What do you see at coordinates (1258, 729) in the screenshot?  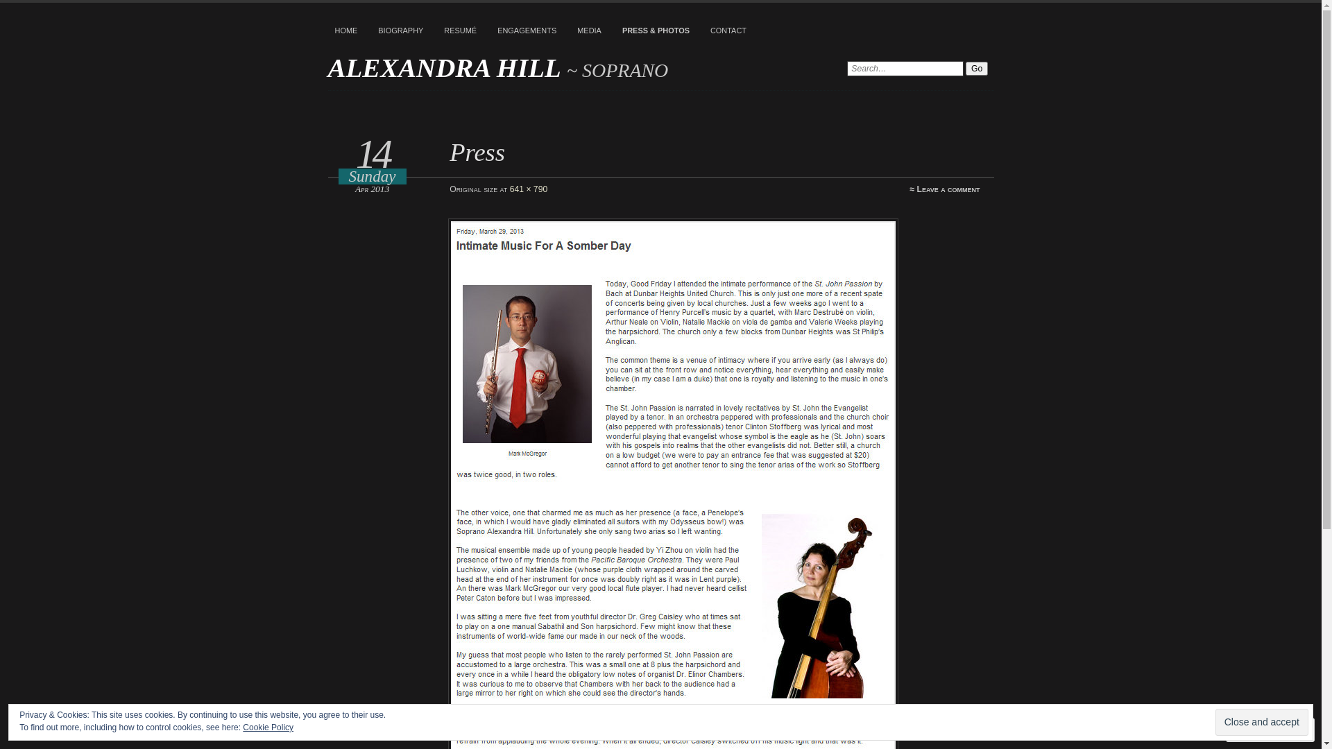 I see `'Follow'` at bounding box center [1258, 729].